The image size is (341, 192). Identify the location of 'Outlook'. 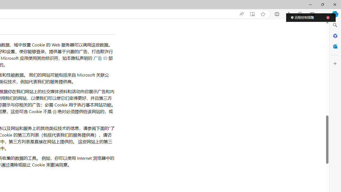
(335, 46).